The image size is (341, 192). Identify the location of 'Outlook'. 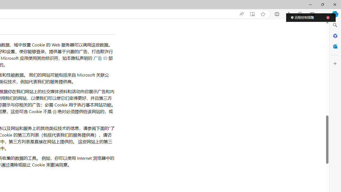
(335, 46).